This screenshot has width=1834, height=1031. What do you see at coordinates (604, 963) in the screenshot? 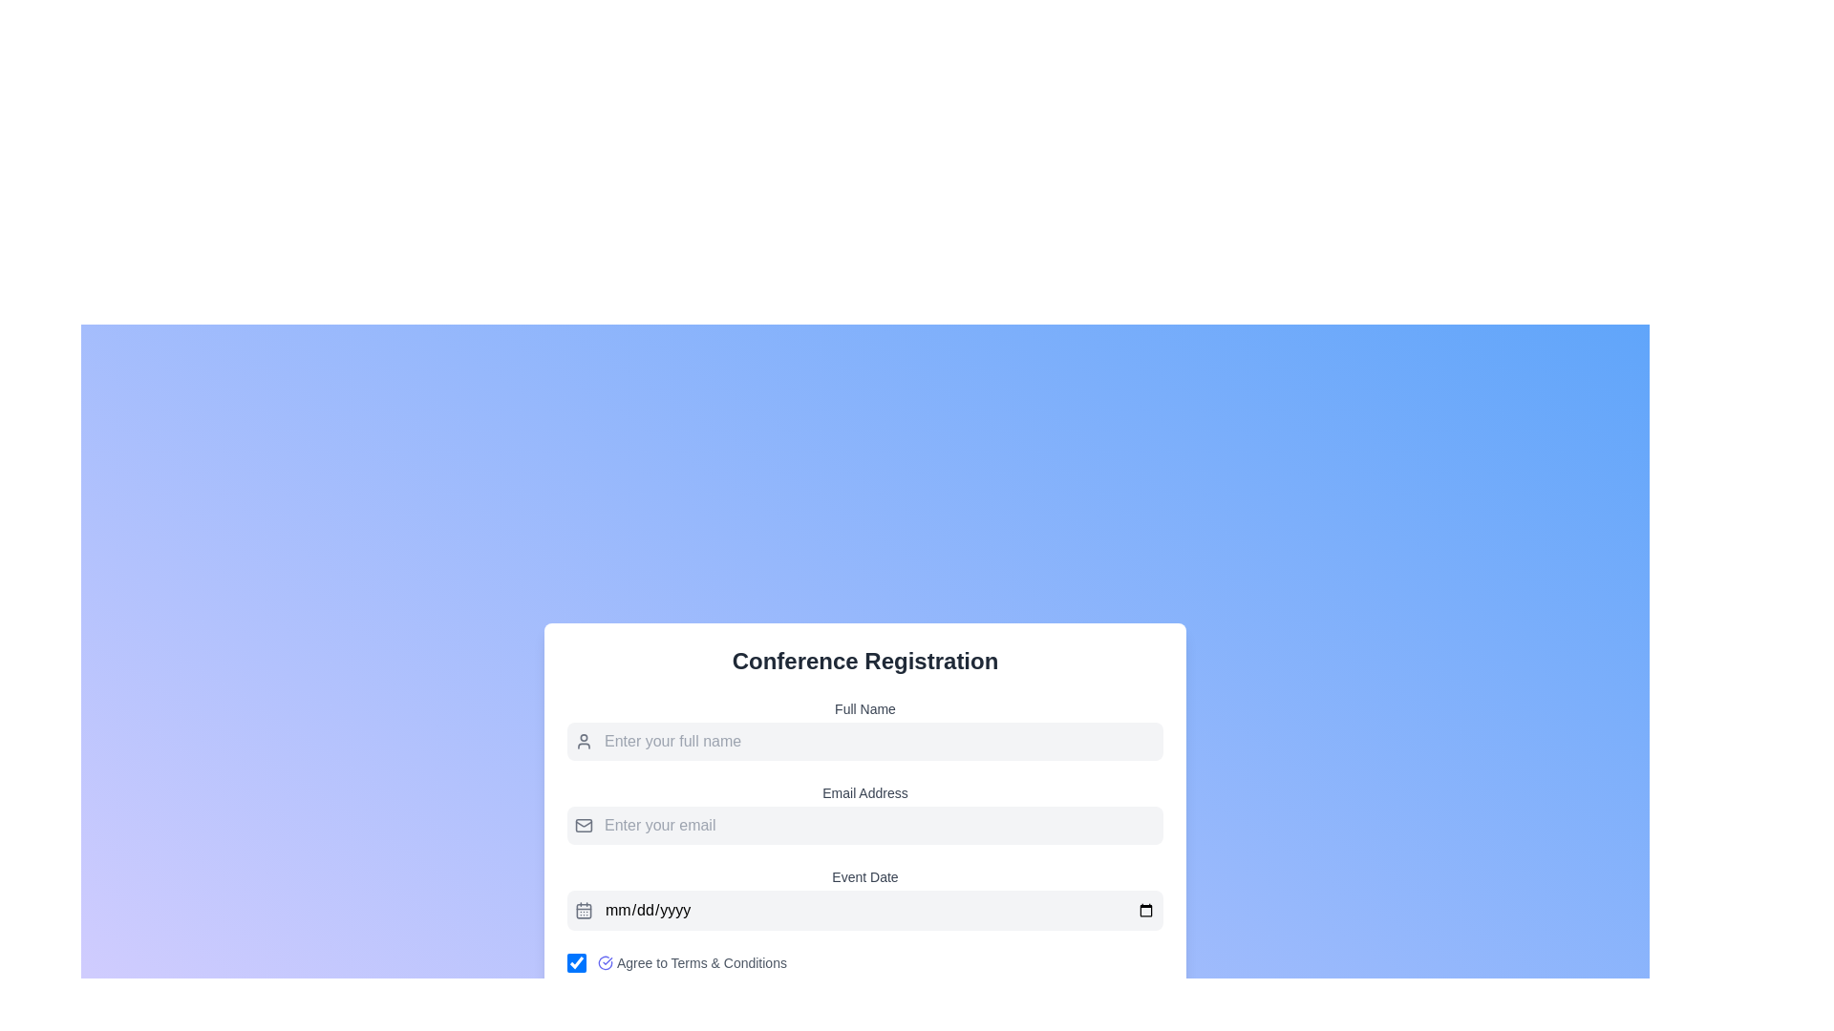
I see `the circular indigo icon with a checkmark that is located to the left of the 'Agree to Terms & Conditions' text` at bounding box center [604, 963].